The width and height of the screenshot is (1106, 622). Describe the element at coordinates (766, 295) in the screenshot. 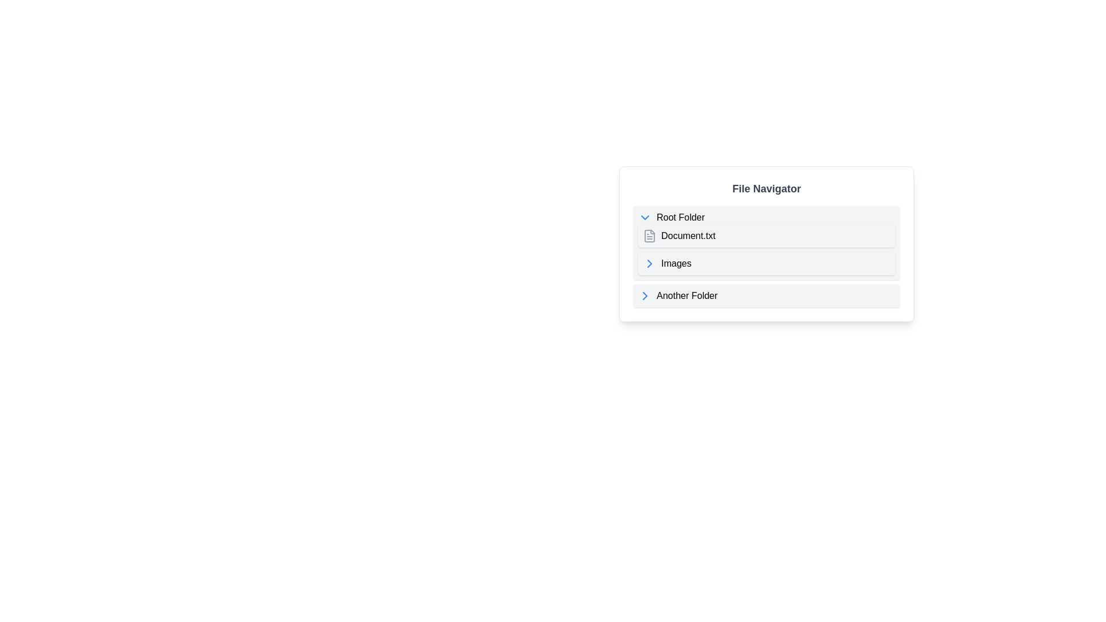

I see `the folder navigation item labeled 'Another Folder'` at that location.